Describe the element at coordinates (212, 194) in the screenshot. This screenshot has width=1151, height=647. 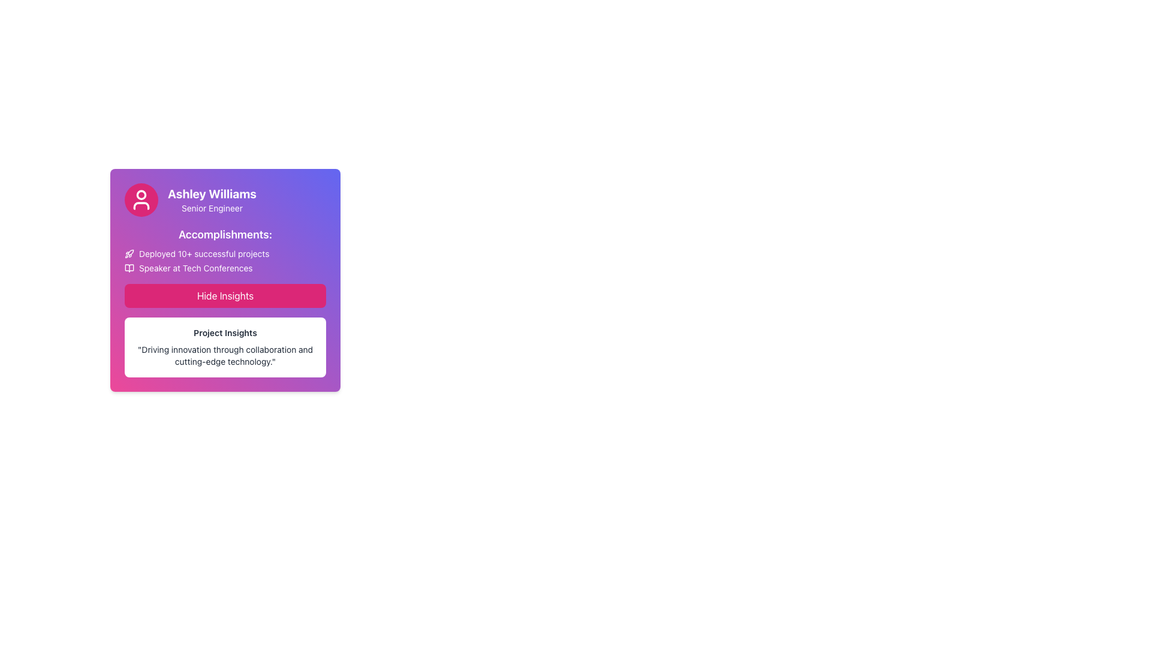
I see `displayed name 'Ashley Williams' from the text block located at the top of the card interface` at that location.